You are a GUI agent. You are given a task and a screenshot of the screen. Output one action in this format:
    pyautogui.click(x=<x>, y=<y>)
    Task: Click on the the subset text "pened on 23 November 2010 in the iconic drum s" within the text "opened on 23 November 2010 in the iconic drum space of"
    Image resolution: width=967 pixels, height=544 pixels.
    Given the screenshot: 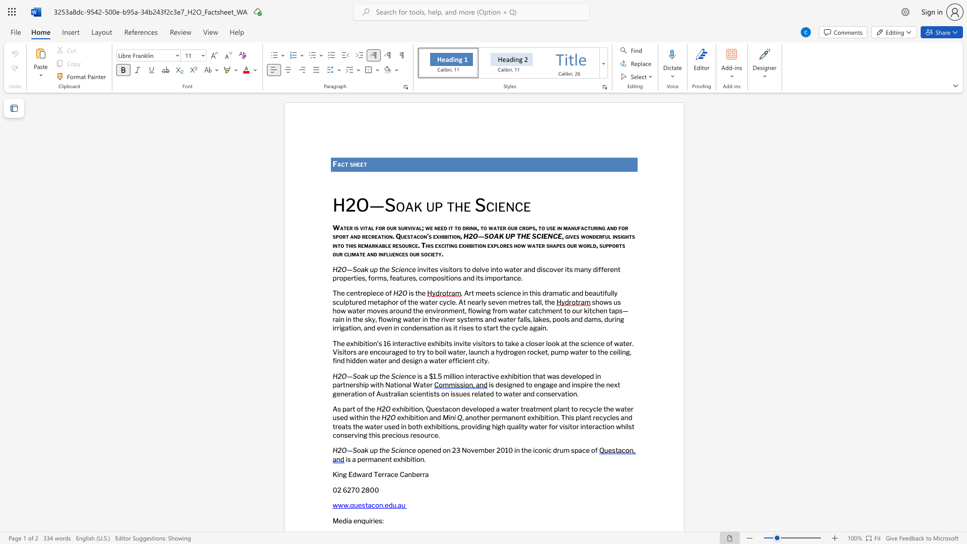 What is the action you would take?
    pyautogui.click(x=421, y=450)
    